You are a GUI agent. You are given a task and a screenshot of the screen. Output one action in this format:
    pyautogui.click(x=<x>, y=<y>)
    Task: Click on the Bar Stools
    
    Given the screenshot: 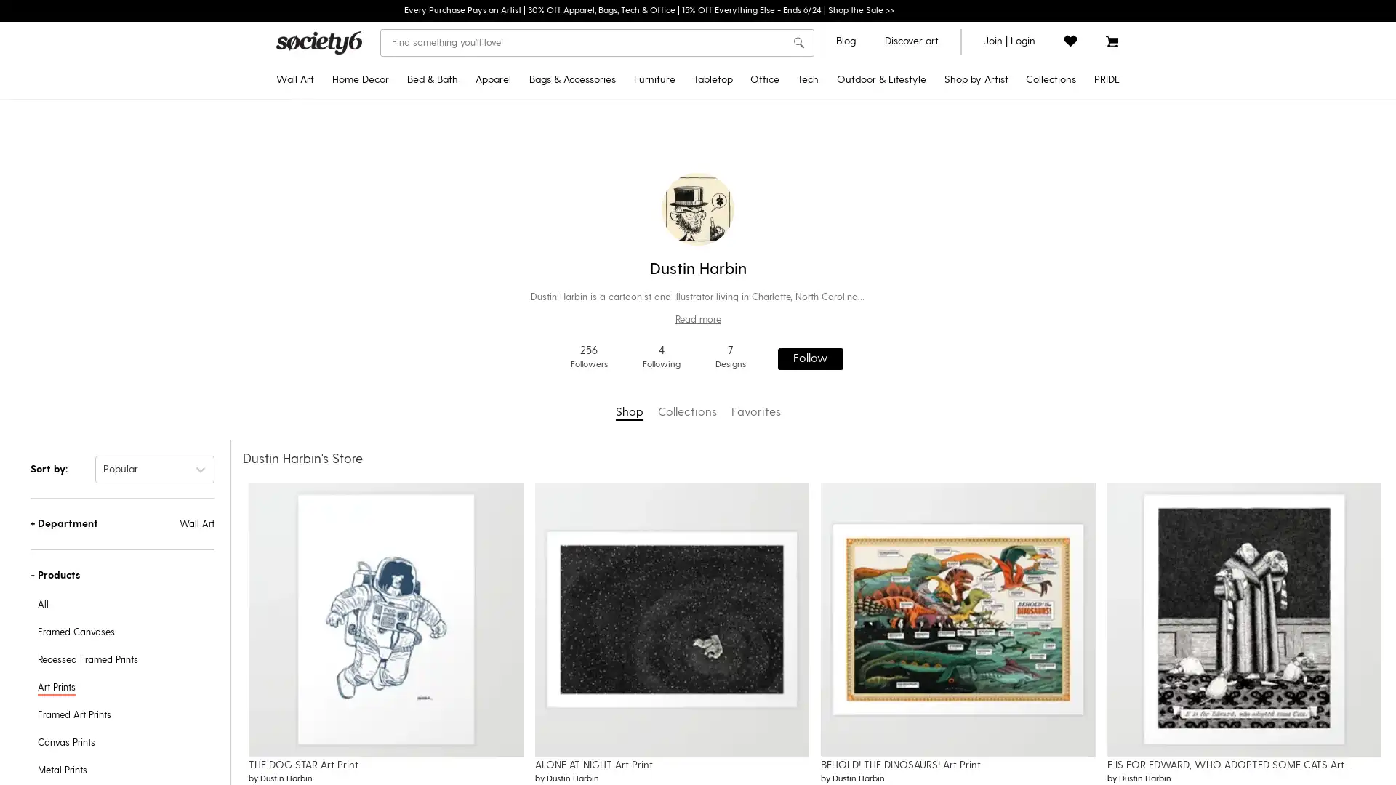 What is the action you would take?
    pyautogui.click(x=679, y=163)
    